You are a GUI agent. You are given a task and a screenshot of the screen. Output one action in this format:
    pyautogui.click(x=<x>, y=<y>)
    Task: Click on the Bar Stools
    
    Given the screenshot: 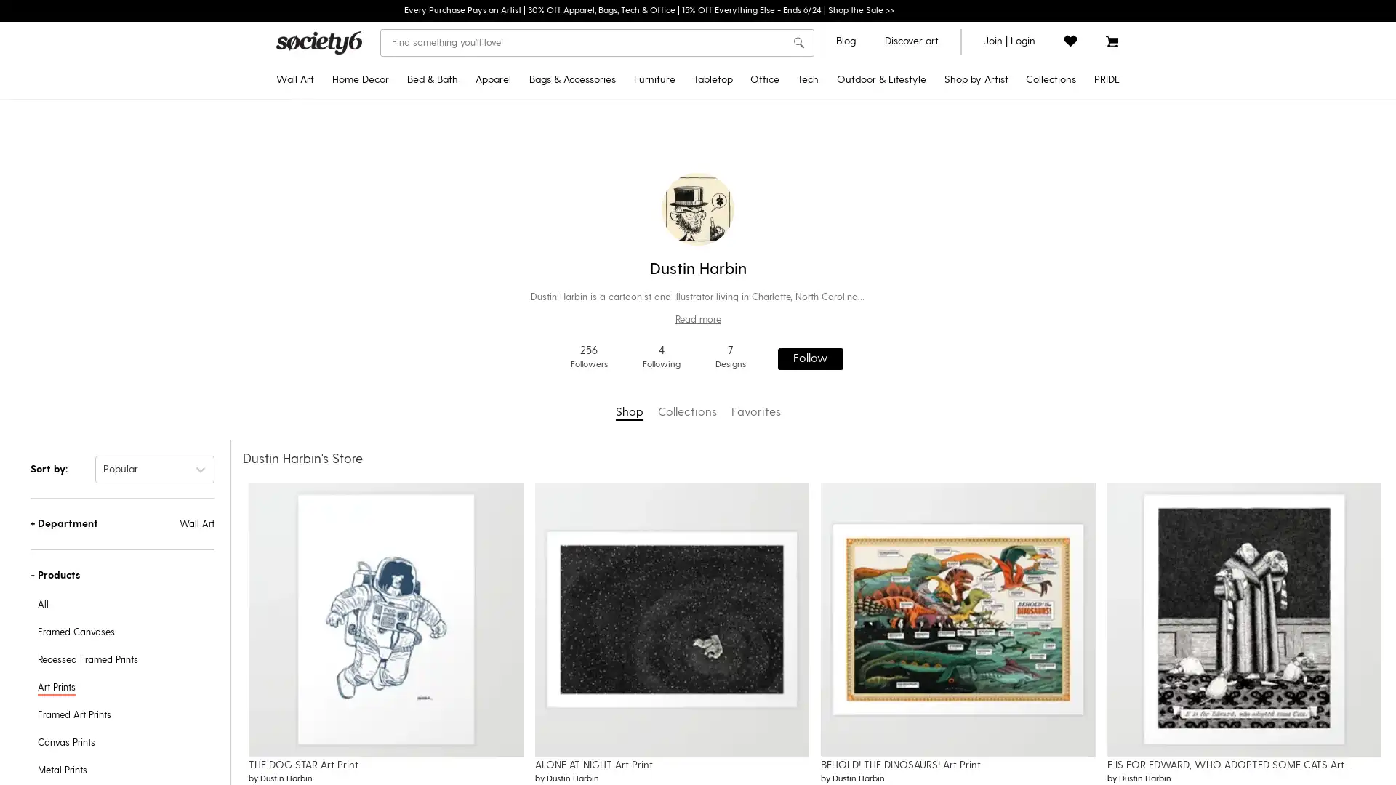 What is the action you would take?
    pyautogui.click(x=679, y=163)
    